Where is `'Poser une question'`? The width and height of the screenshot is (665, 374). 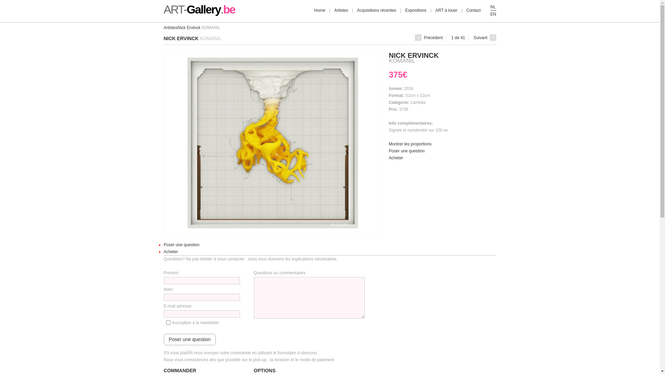
'Poser une question' is located at coordinates (181, 244).